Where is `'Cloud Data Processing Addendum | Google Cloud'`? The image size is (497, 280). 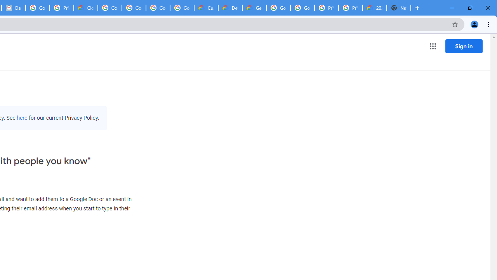
'Cloud Data Processing Addendum | Google Cloud' is located at coordinates (85, 8).